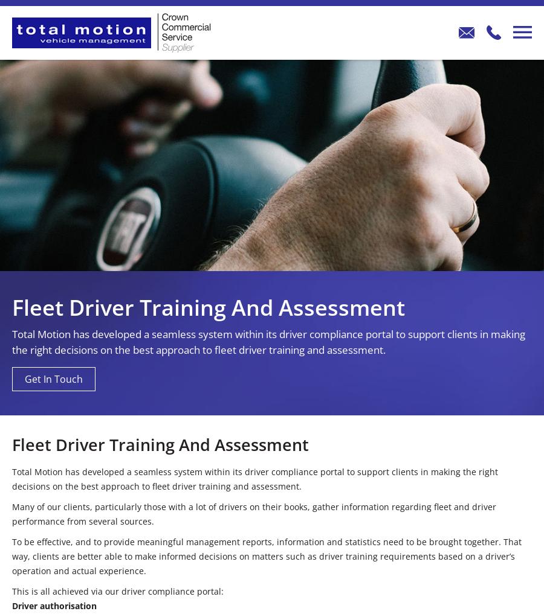 The height and width of the screenshot is (614, 544). Describe the element at coordinates (271, 507) in the screenshot. I see `'Comms Hub'` at that location.